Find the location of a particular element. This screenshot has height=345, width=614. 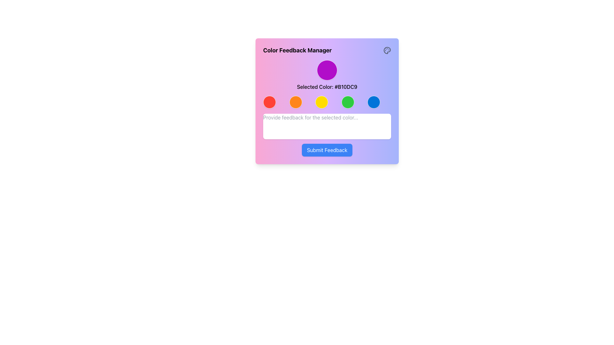

the circular yellow button with a white outline, which is the third button from the left in a row of five similar buttons is located at coordinates (322, 102).